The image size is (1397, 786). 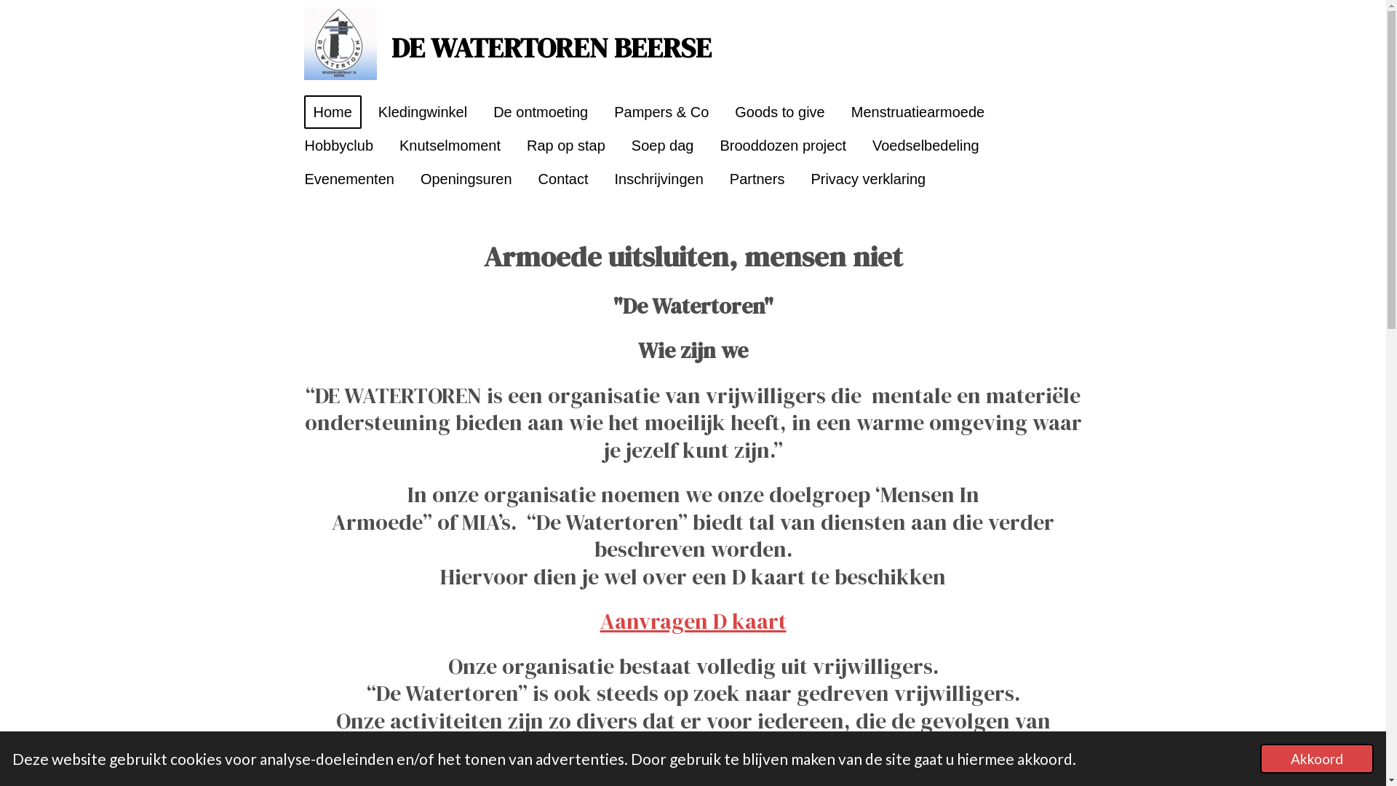 What do you see at coordinates (662, 146) in the screenshot?
I see `'Soep dag'` at bounding box center [662, 146].